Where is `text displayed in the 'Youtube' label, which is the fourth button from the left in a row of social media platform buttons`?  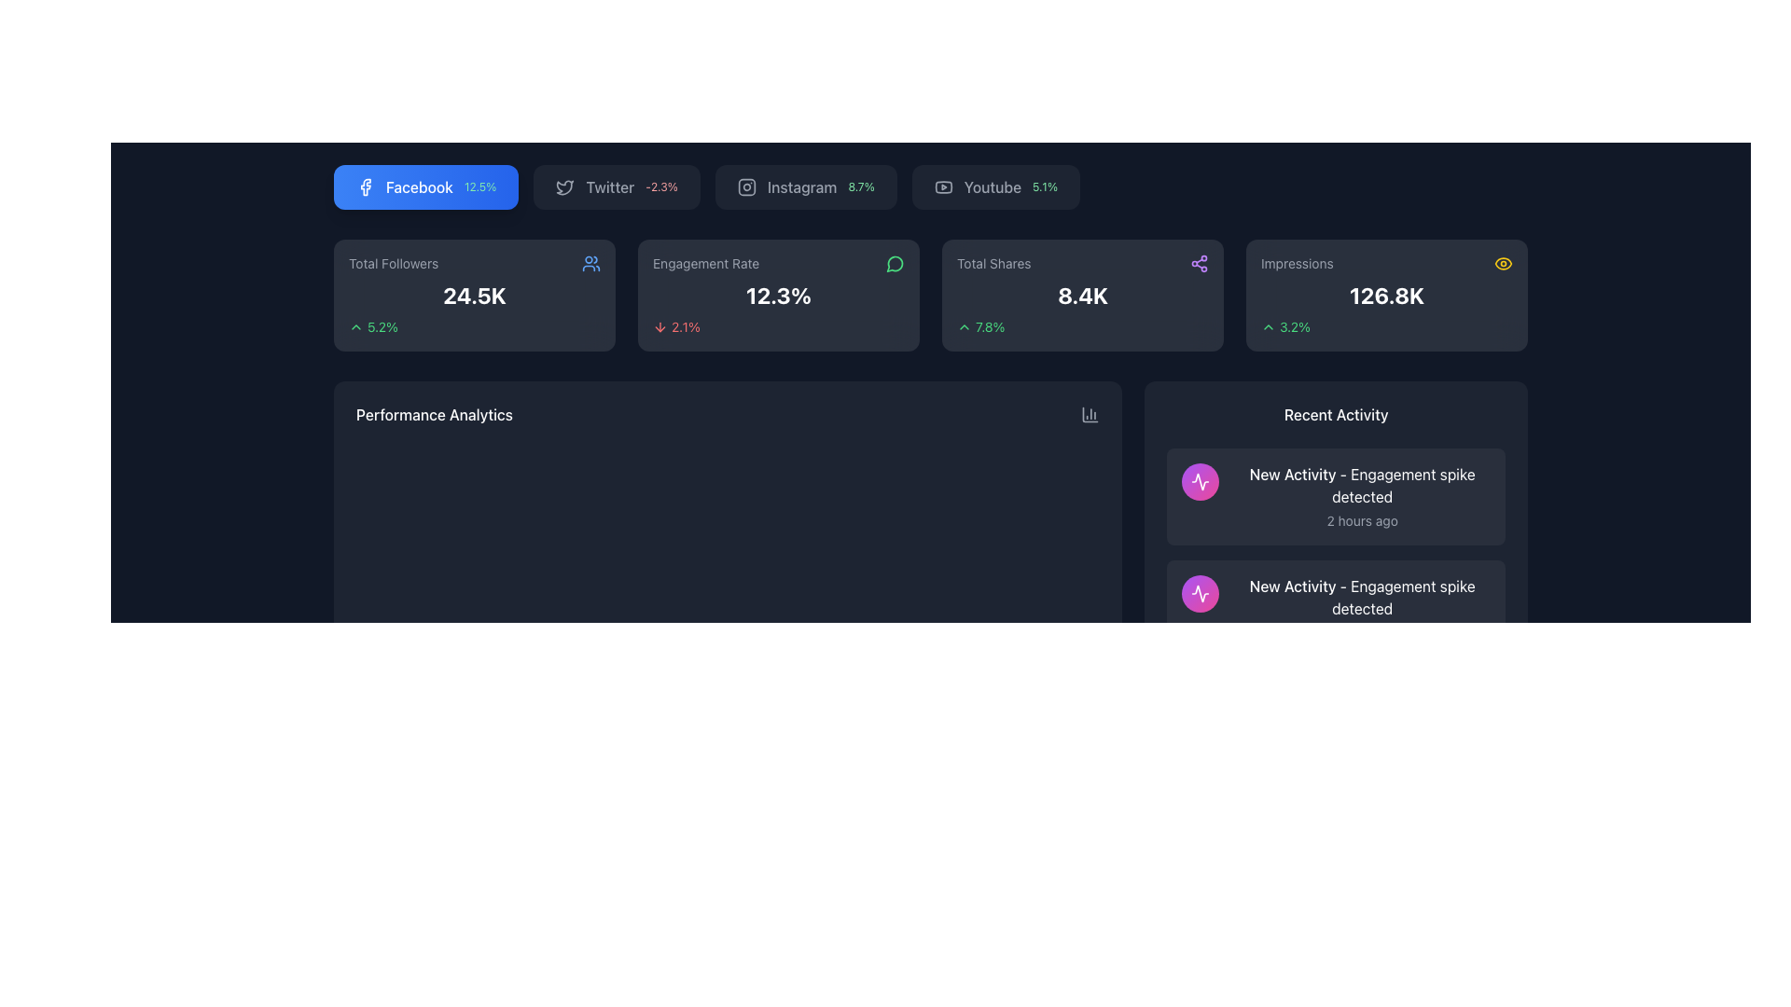
text displayed in the 'Youtube' label, which is the fourth button from the left in a row of social media platform buttons is located at coordinates (992, 186).